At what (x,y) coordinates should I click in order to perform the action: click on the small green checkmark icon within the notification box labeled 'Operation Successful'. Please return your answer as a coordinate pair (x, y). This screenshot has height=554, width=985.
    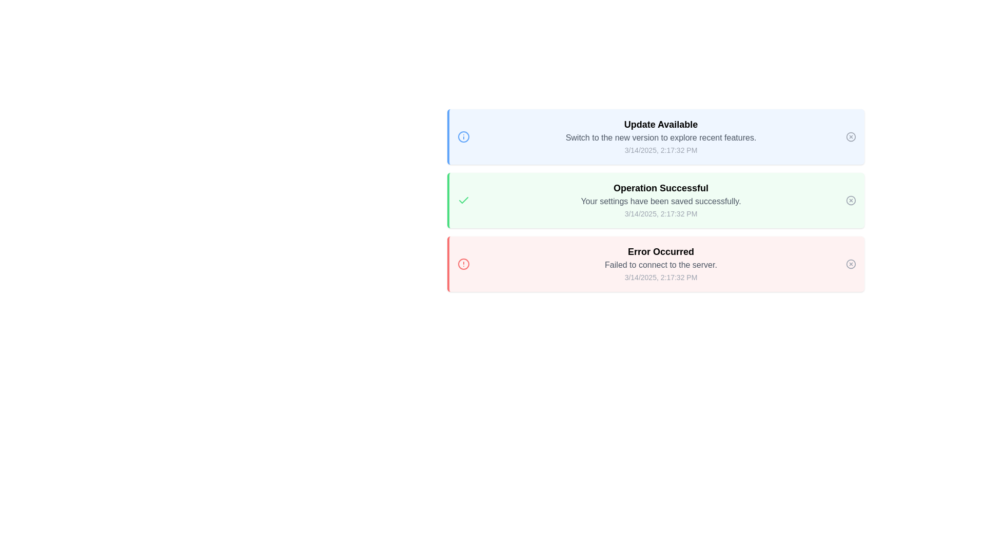
    Looking at the image, I should click on (463, 200).